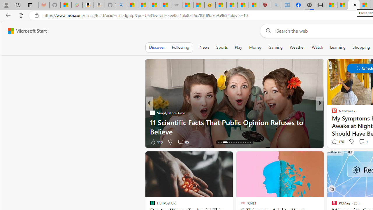 The height and width of the screenshot is (210, 373). What do you see at coordinates (238, 47) in the screenshot?
I see `'Play'` at bounding box center [238, 47].